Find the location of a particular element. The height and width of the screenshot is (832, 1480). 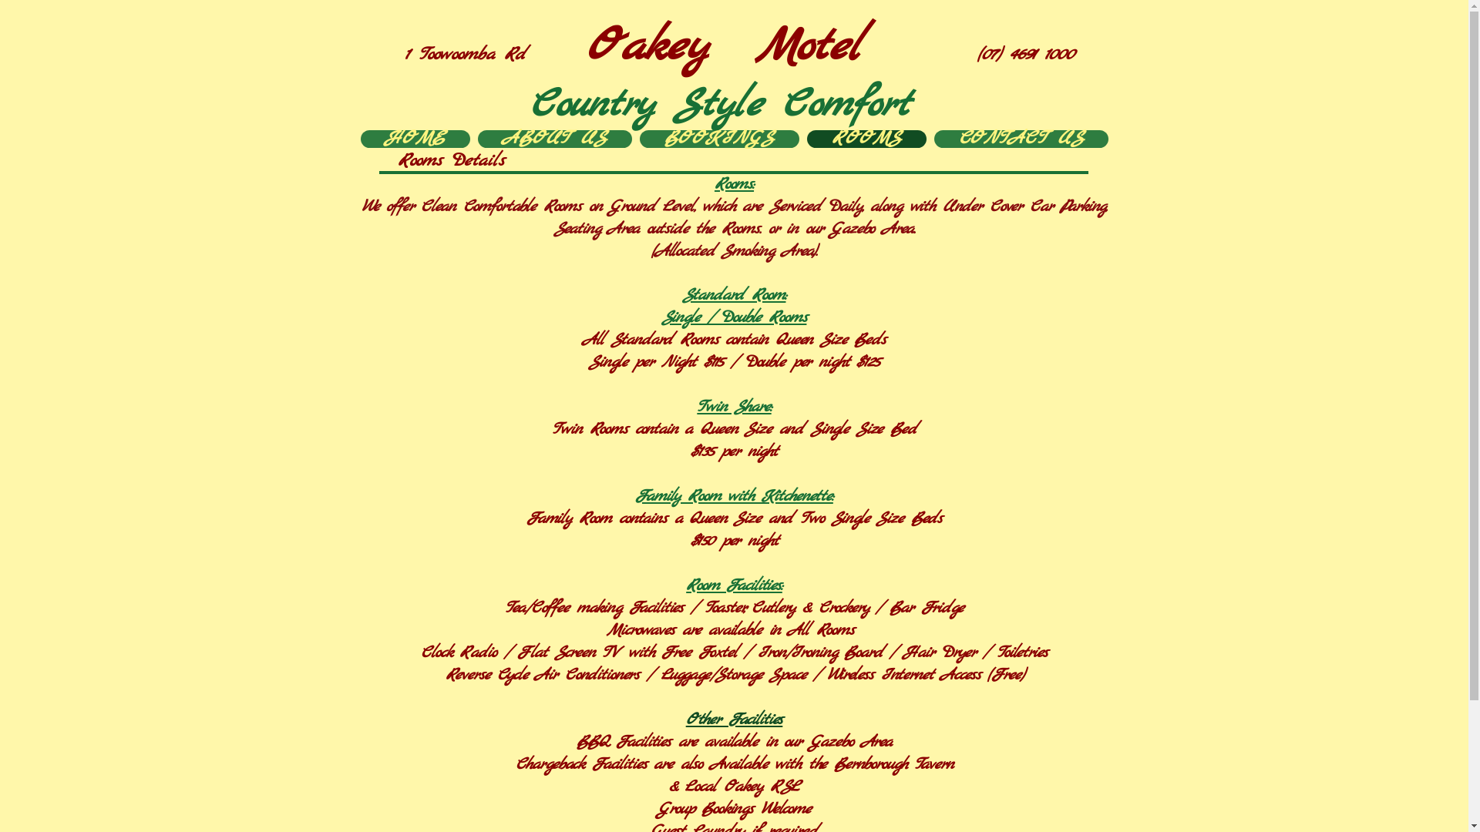

'CONTACT US' is located at coordinates (1021, 139).